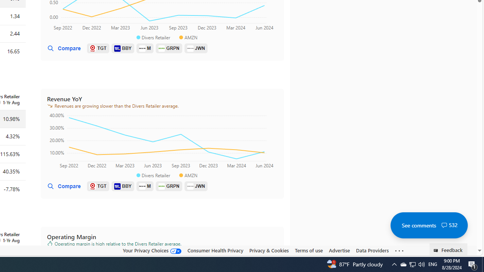 The width and height of the screenshot is (484, 272). Describe the element at coordinates (269, 250) in the screenshot. I see `'Privacy & Cookies'` at that location.